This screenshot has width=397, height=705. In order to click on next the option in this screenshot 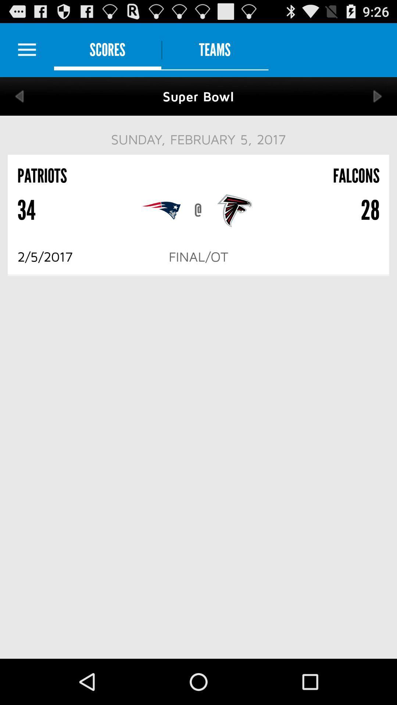, I will do `click(378, 96)`.